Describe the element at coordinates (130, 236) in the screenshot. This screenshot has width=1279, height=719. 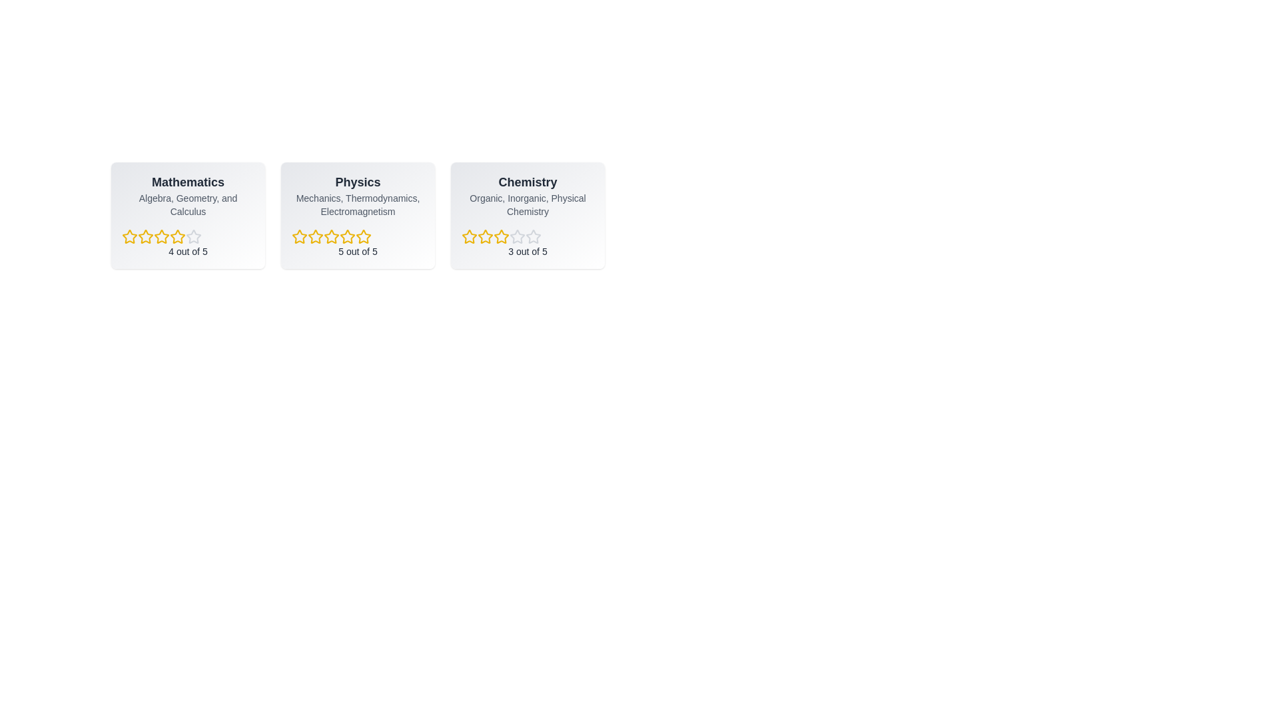
I see `the rating for a subject to 1 stars by clicking on the corresponding star` at that location.